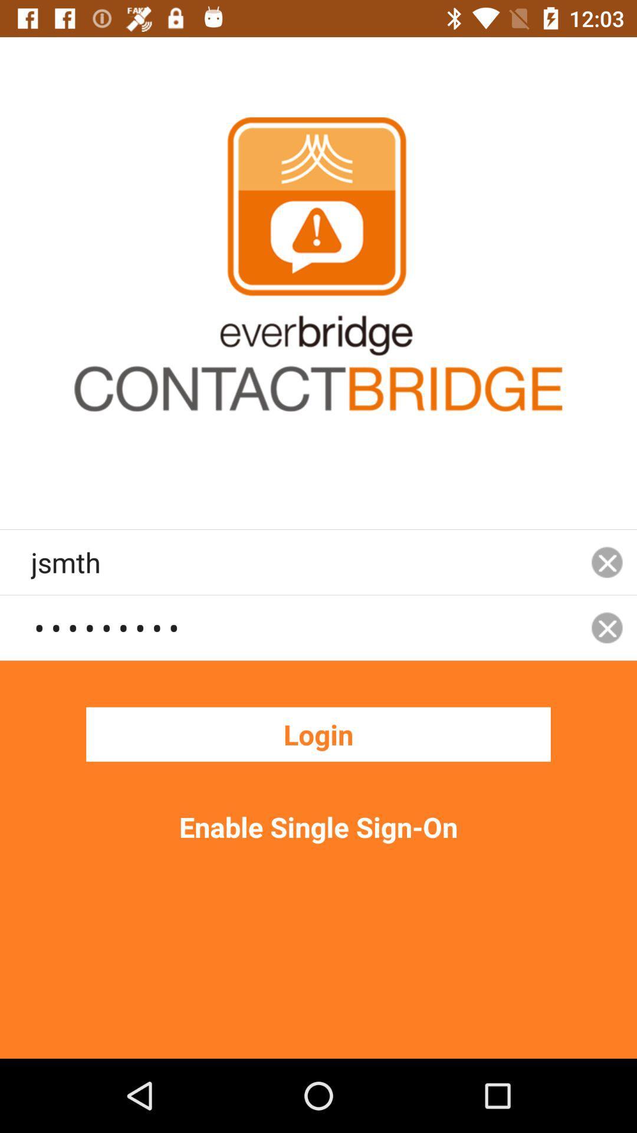  Describe the element at coordinates (607, 561) in the screenshot. I see `the close icon` at that location.